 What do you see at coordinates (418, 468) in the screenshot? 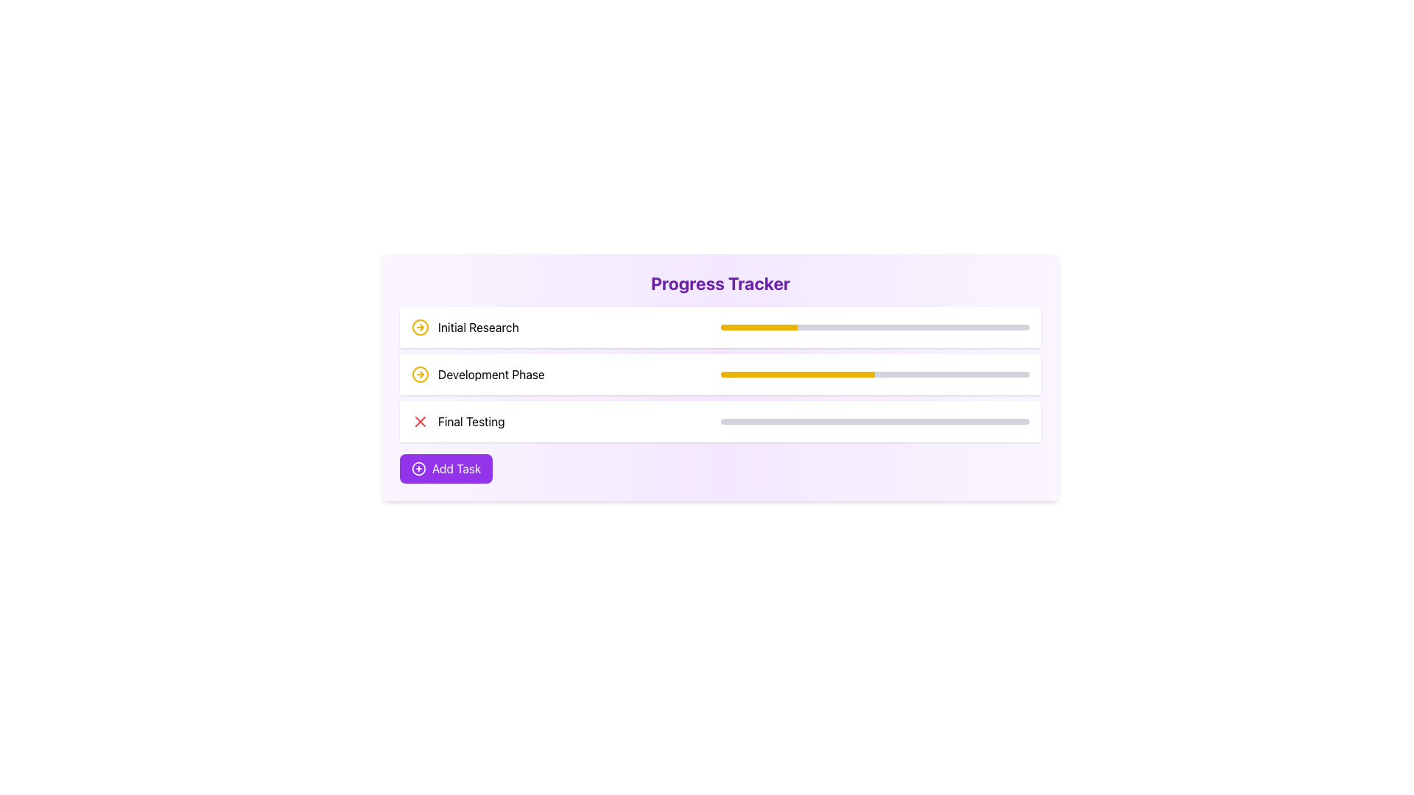
I see `the vector-based graphical component inside the 'Add Task' button, which is a purple circular icon with a plus sign, located in the bottom-left corner of the task progression interface` at bounding box center [418, 468].